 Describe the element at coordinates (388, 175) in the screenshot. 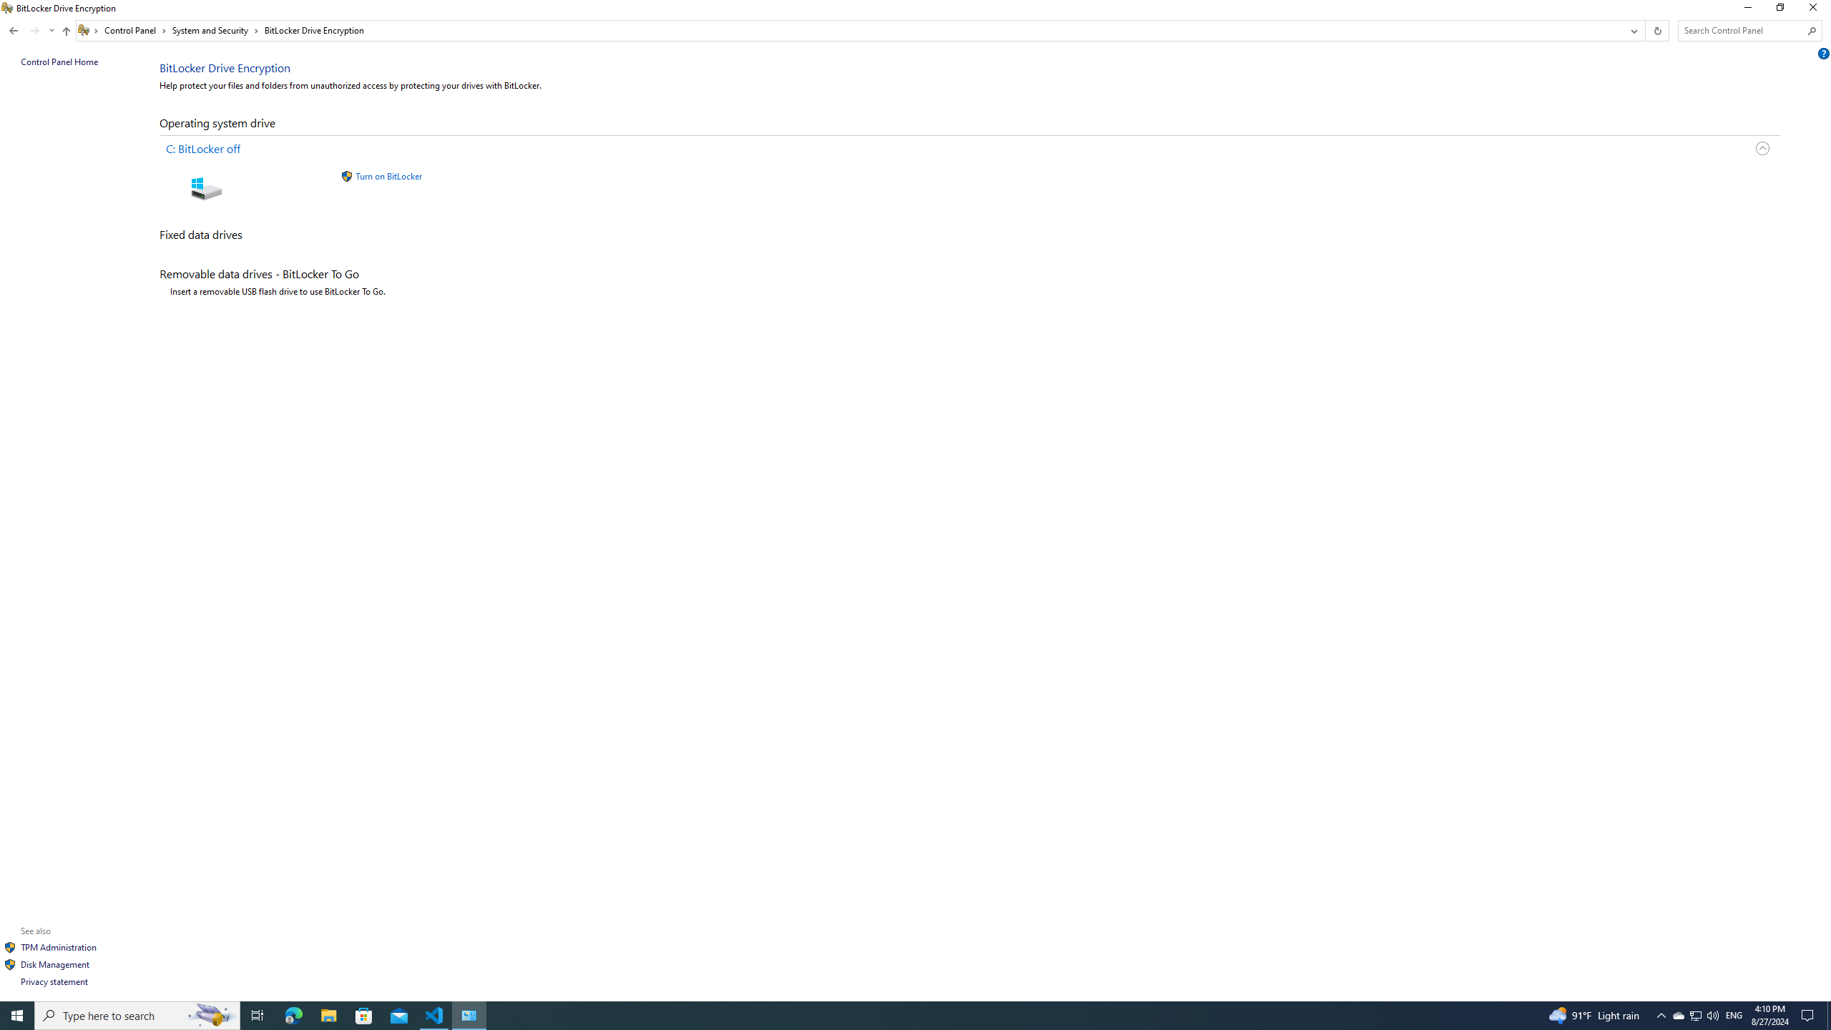

I see `'Turn on BitLocker'` at that location.